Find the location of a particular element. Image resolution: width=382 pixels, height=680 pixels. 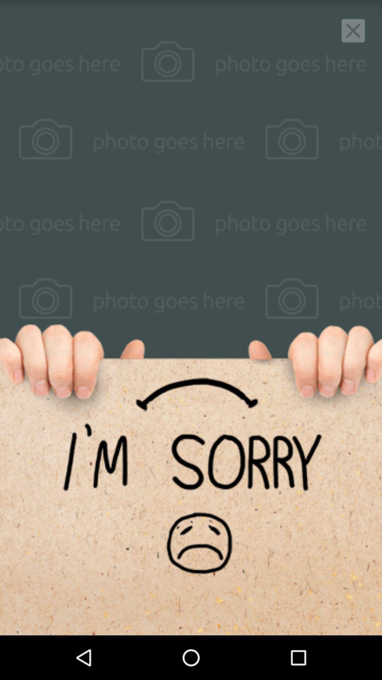

exit screen is located at coordinates (353, 30).